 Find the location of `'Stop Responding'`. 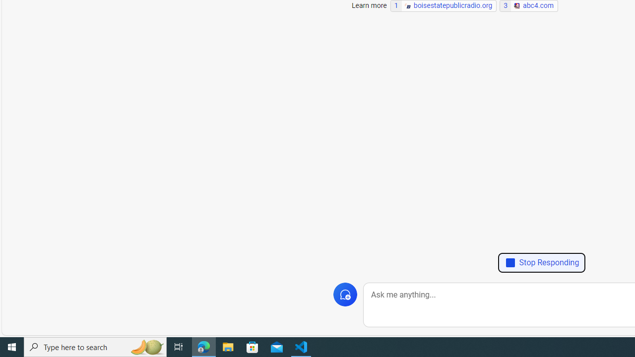

'Stop Responding' is located at coordinates (541, 262).